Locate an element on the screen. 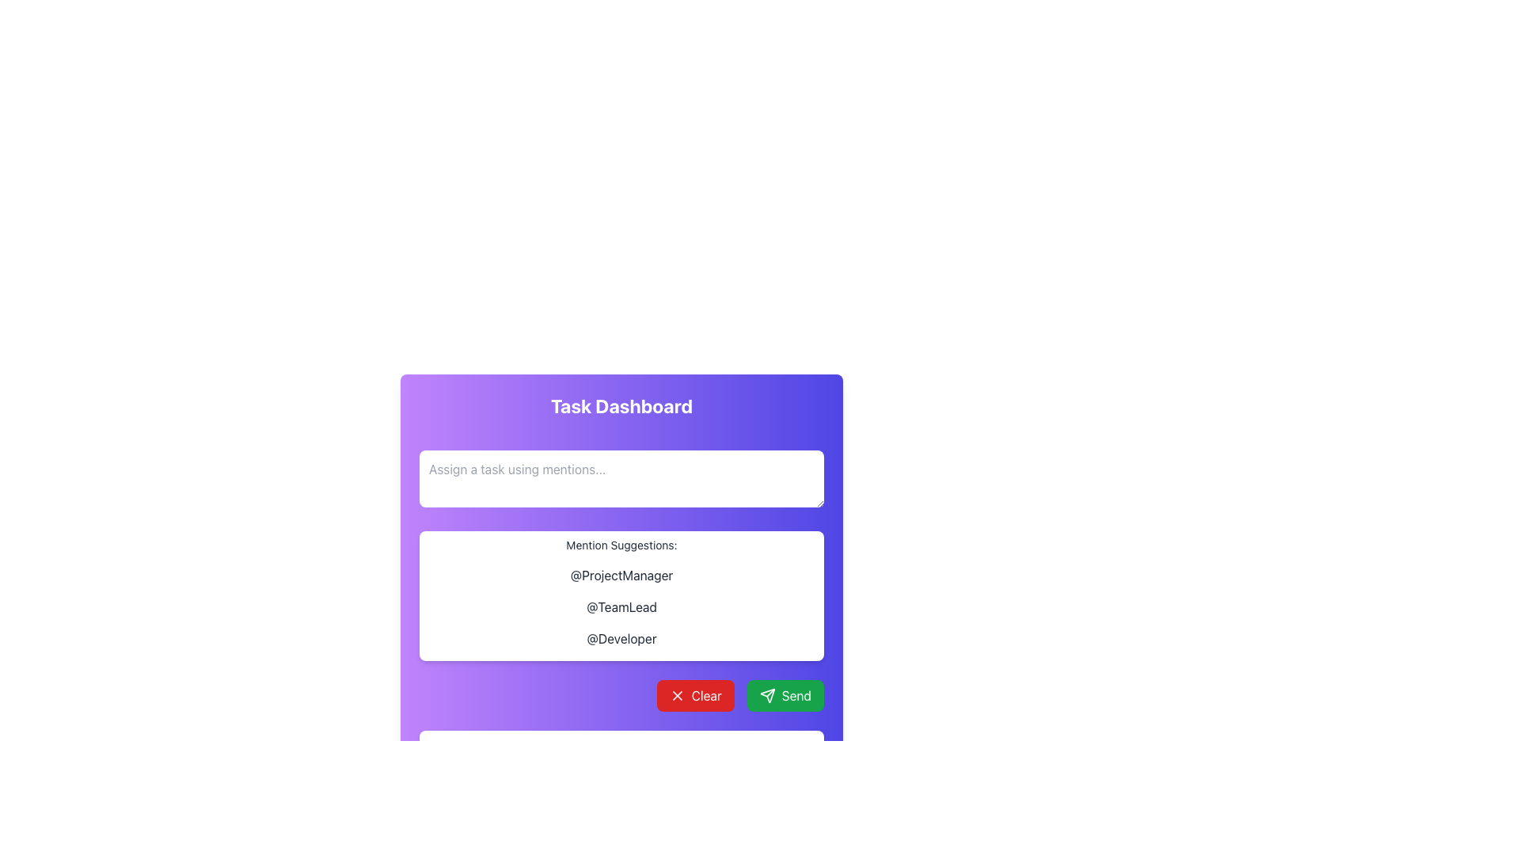  the 'Send' button that contains the triangular paper plane icon, located in the lower right corner of the interface is located at coordinates (767, 695).